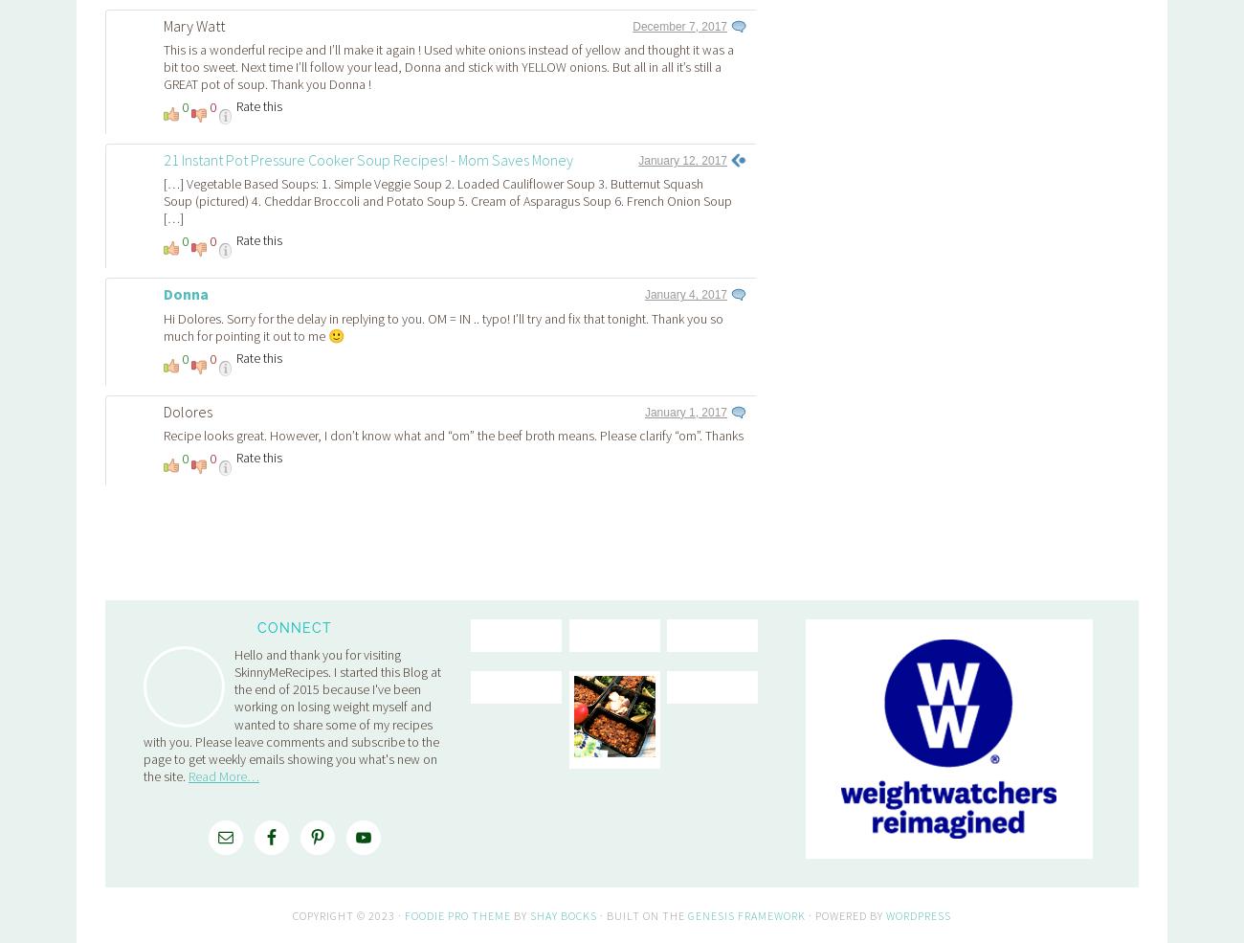 This screenshot has width=1244, height=943. I want to click on 'Foodie Pro Theme', so click(456, 646).